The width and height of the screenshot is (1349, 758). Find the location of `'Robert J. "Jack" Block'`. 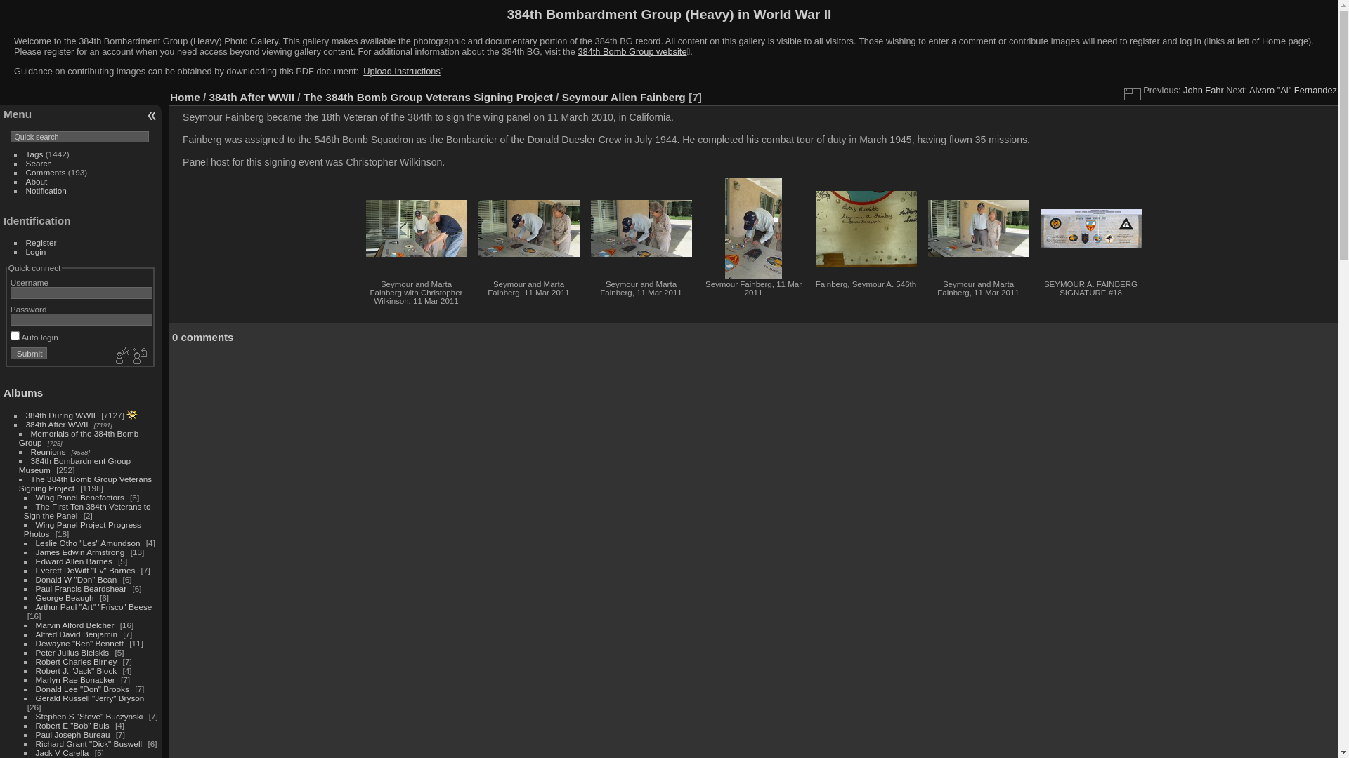

'Robert J. "Jack" Block' is located at coordinates (36, 670).